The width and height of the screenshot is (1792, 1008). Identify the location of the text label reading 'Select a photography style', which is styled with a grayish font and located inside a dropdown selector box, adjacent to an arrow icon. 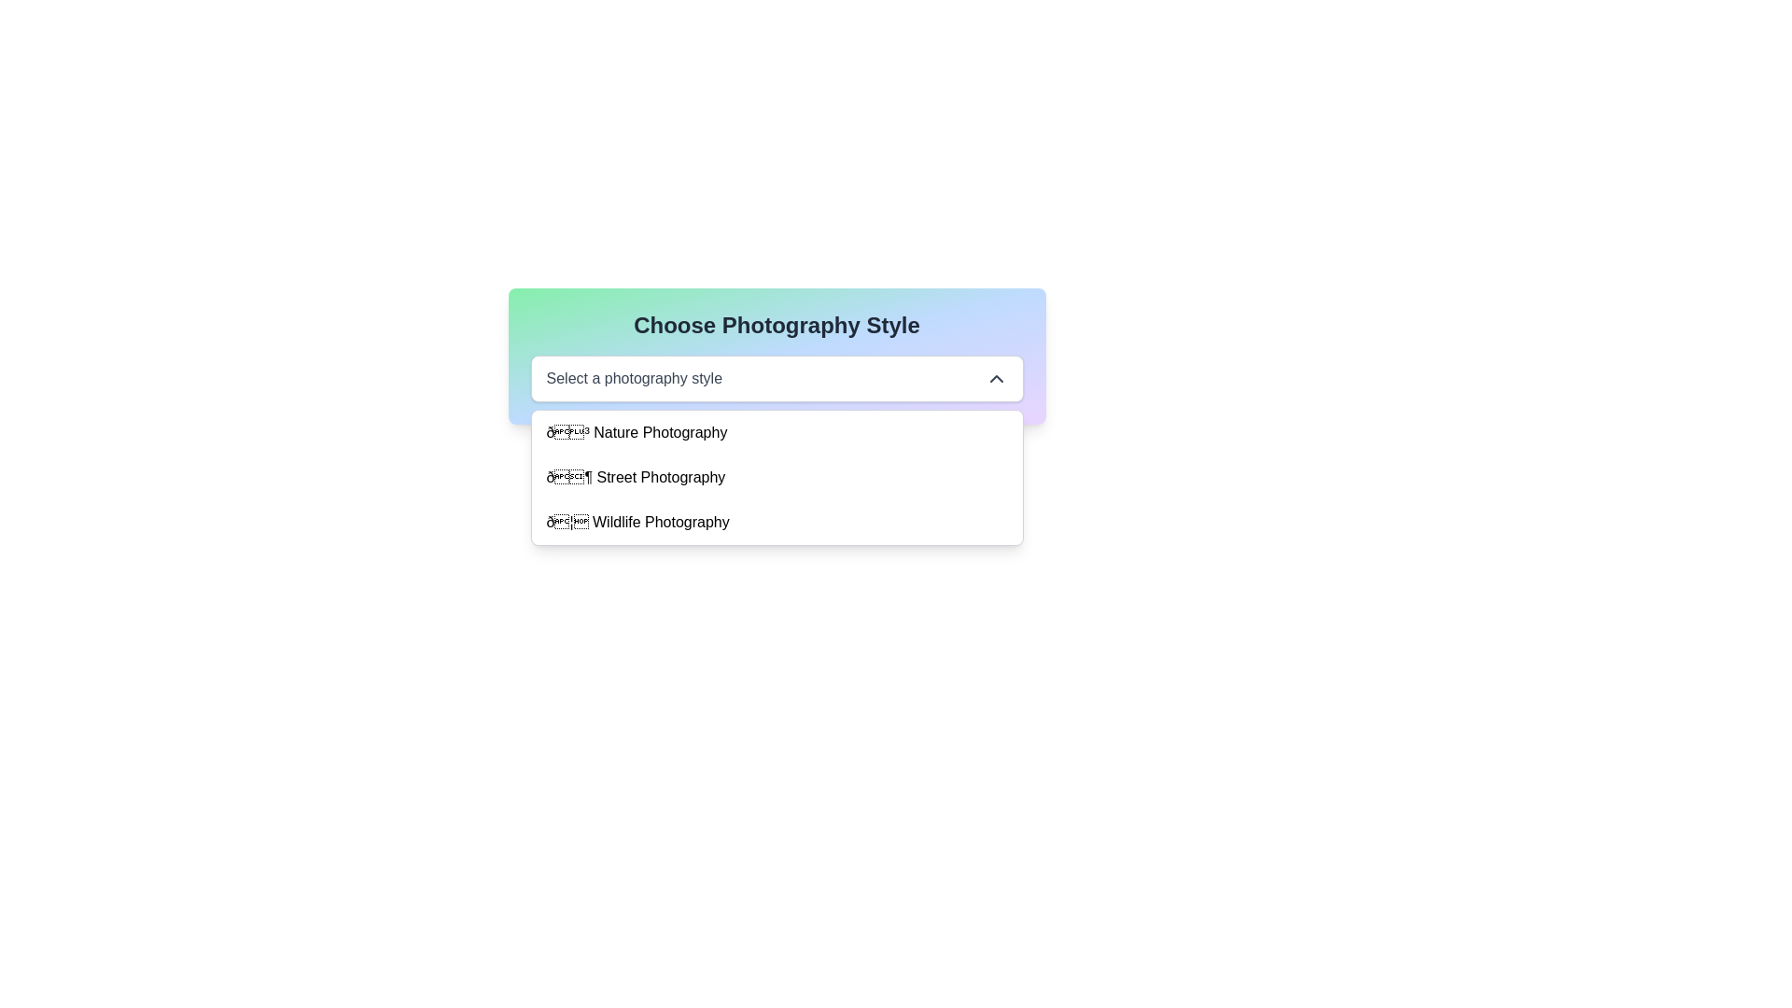
(634, 378).